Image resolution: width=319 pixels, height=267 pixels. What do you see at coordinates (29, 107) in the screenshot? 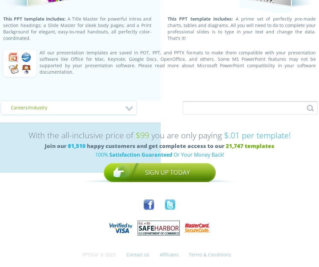
I see `'Careers/Industry'` at bounding box center [29, 107].